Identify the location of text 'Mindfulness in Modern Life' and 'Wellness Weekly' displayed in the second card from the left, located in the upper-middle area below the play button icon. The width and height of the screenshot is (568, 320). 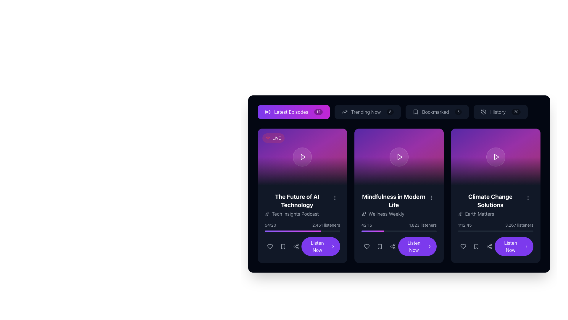
(393, 204).